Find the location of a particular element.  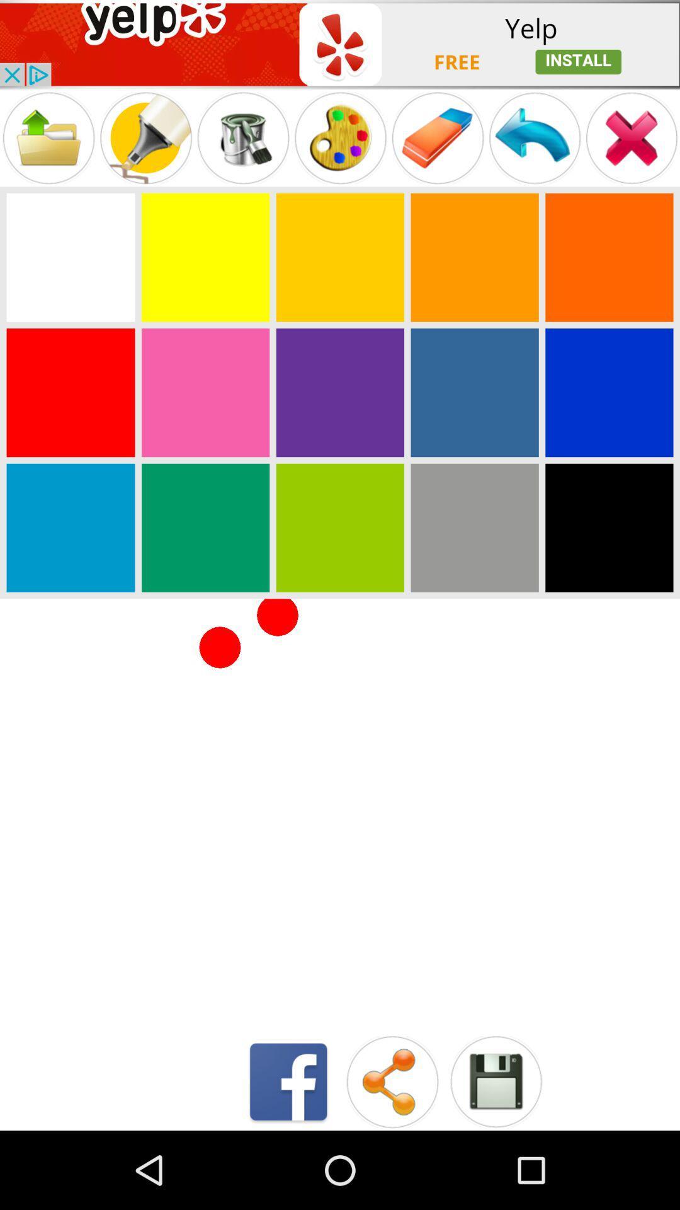

color is located at coordinates (205, 256).